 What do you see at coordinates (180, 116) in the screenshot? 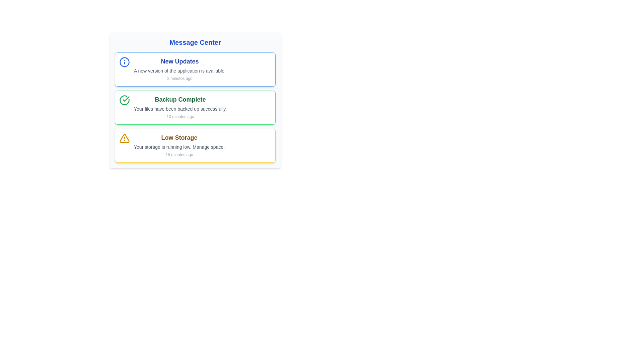
I see `the Informational label in the bottom-right corner of the 'Backup Complete' notification box, which provides a timestamp or information about the time elapsed since an event occurred` at bounding box center [180, 116].